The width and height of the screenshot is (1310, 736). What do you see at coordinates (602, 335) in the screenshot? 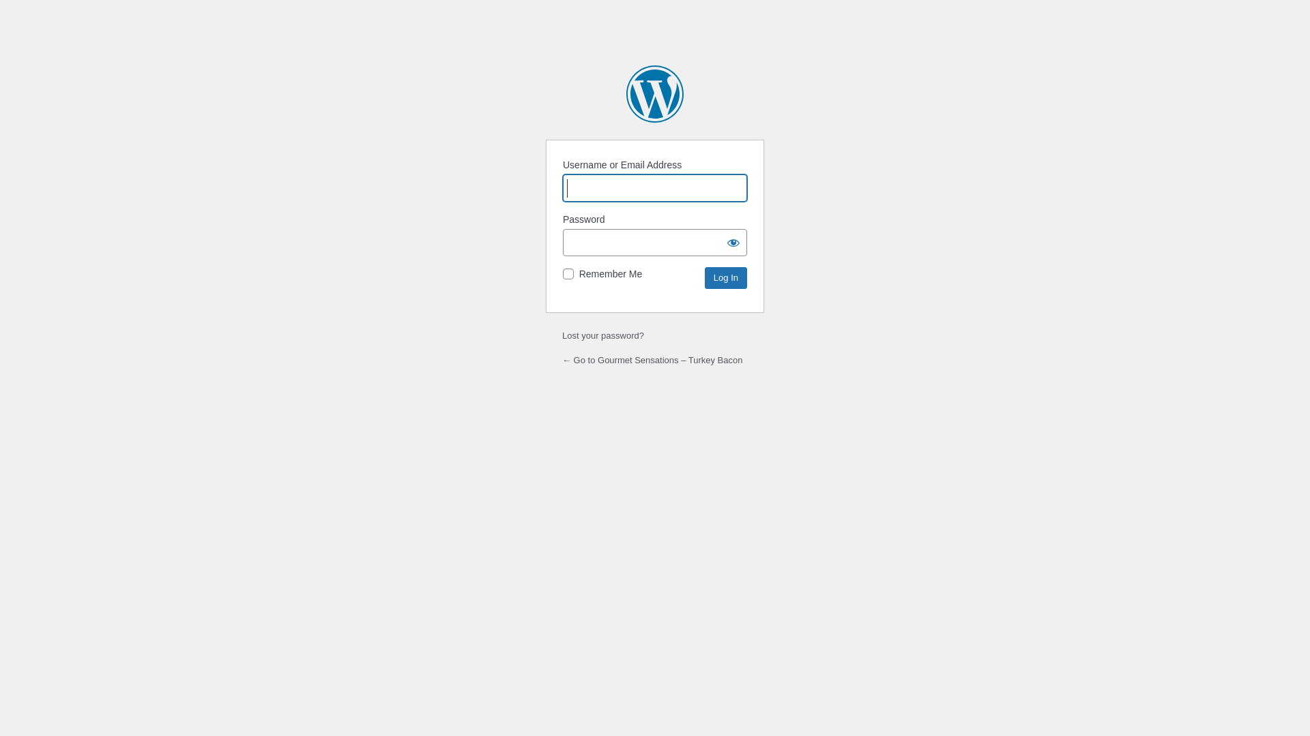
I see `'Lost your password?'` at bounding box center [602, 335].